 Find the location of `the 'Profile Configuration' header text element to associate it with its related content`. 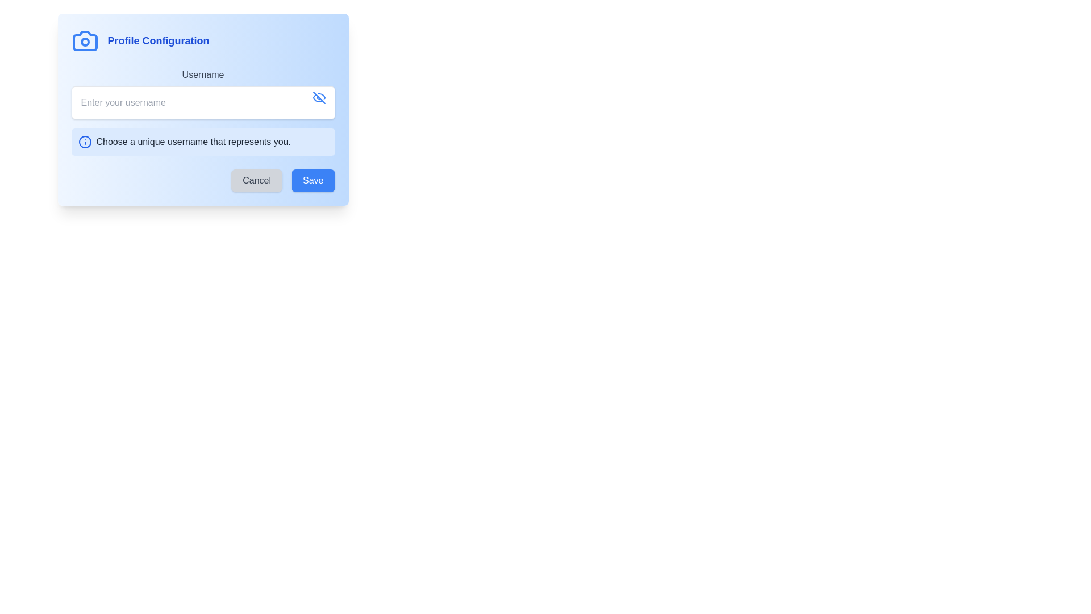

the 'Profile Configuration' header text element to associate it with its related content is located at coordinates (157, 40).